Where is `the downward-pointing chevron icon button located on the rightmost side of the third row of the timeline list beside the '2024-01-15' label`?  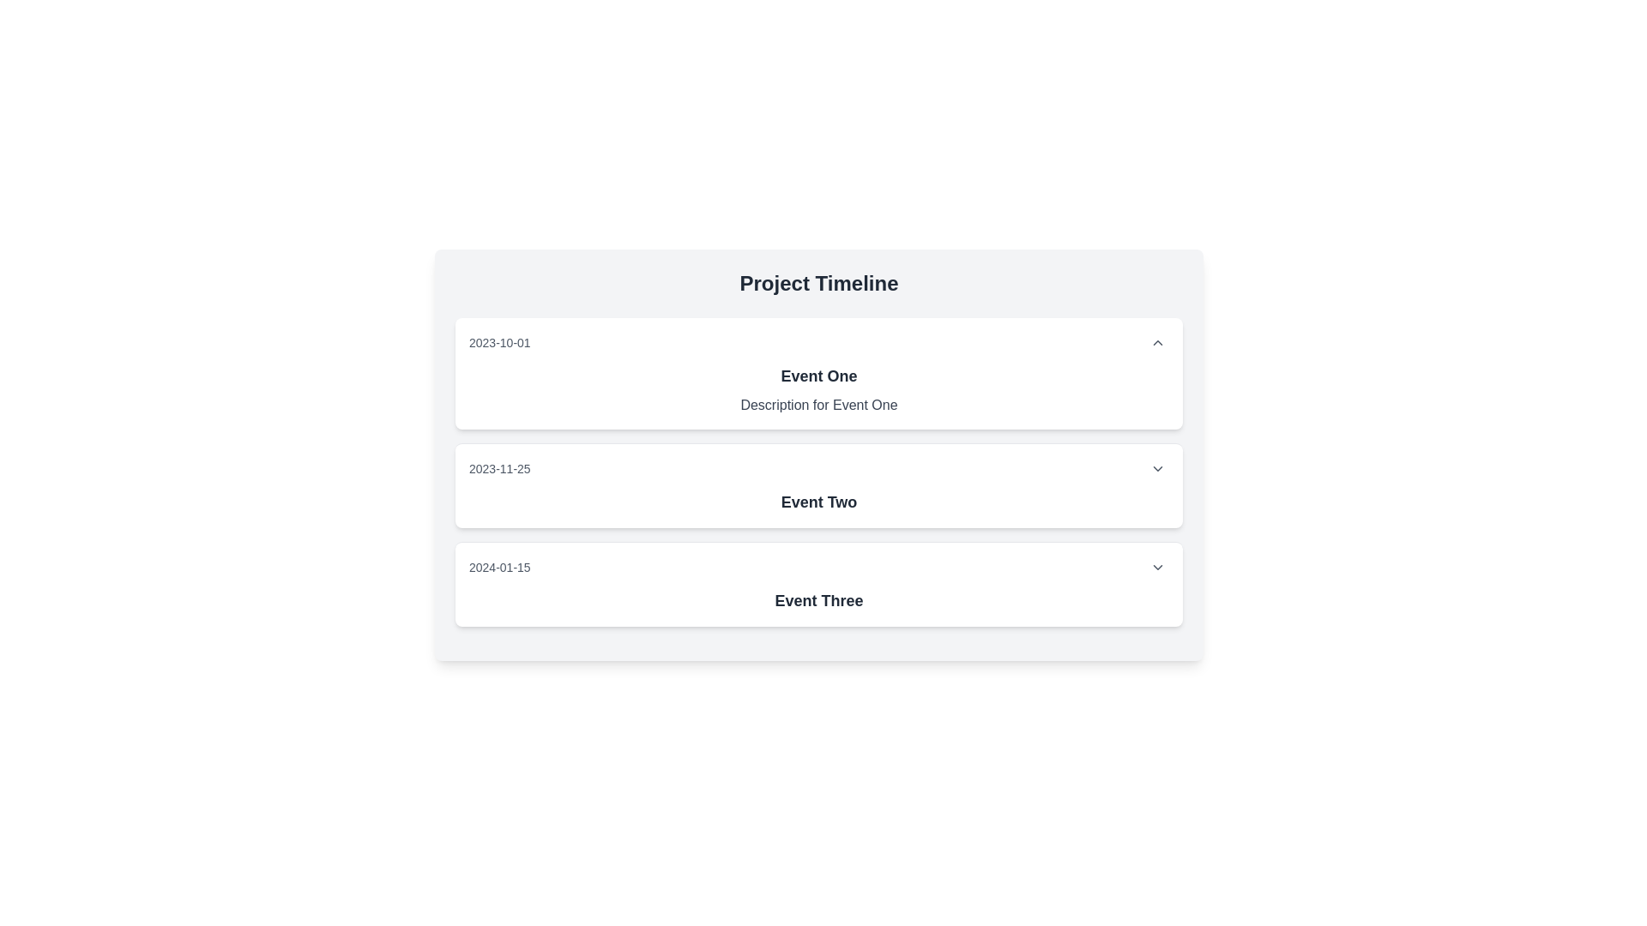 the downward-pointing chevron icon button located on the rightmost side of the third row of the timeline list beside the '2024-01-15' label is located at coordinates (1157, 568).